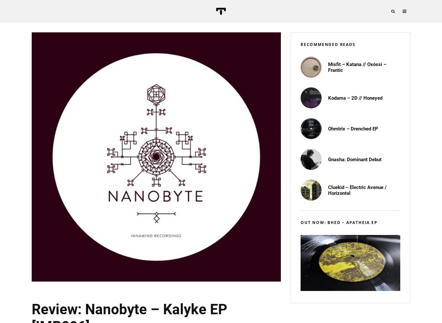 The width and height of the screenshot is (442, 323). I want to click on 'OUT NOW: BHED – APATHEIA EP', so click(338, 222).